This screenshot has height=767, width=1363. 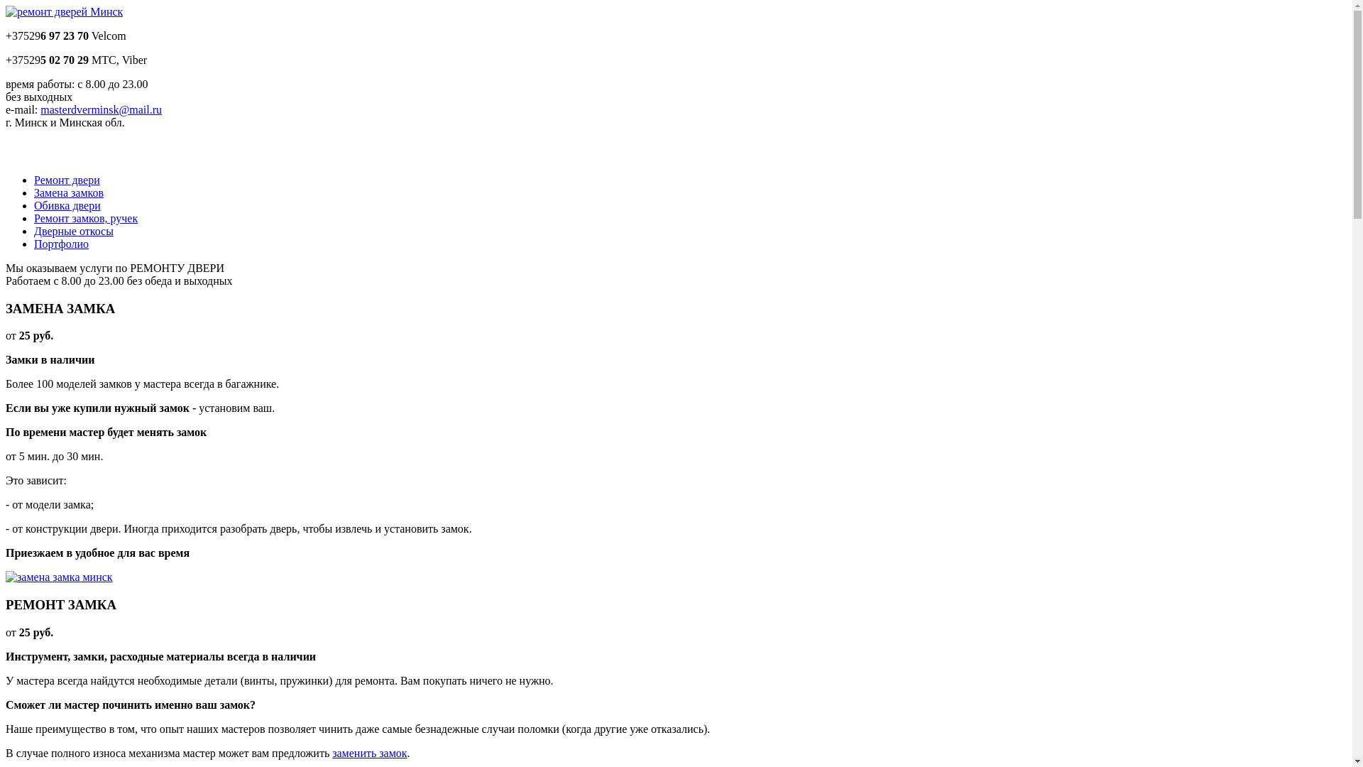 What do you see at coordinates (100, 109) in the screenshot?
I see `'masterdverminsk@mail.ru'` at bounding box center [100, 109].